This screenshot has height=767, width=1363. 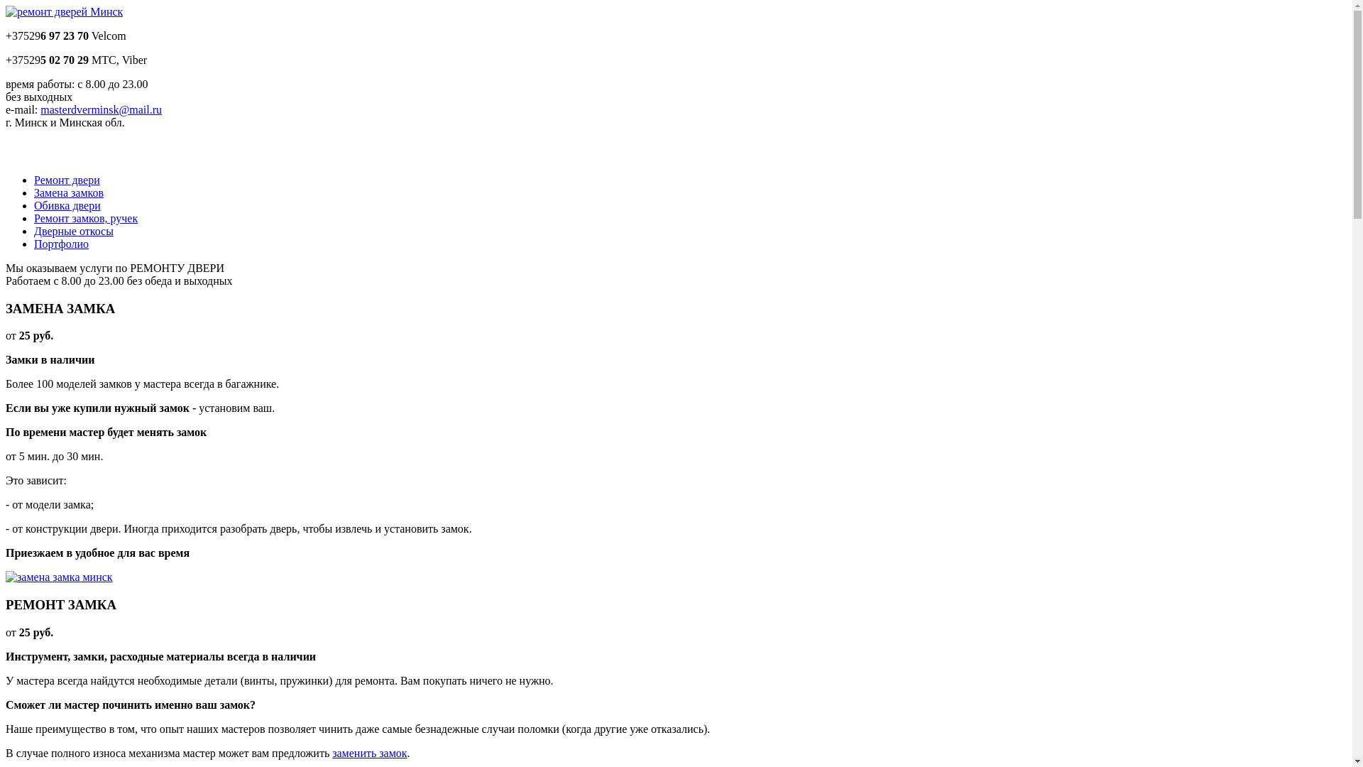 What do you see at coordinates (100, 109) in the screenshot?
I see `'masterdverminsk@mail.ru'` at bounding box center [100, 109].